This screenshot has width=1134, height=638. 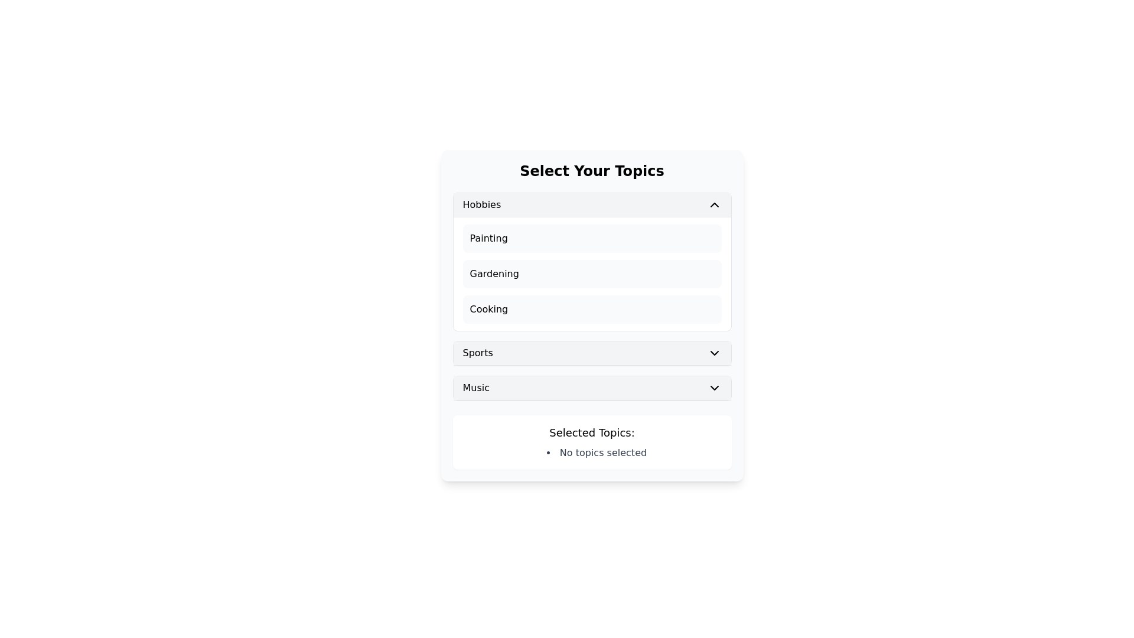 I want to click on the static textual indicator in the bullet list that informs the user that no topics have been selected, located under the 'Selected Topics:' label, so click(x=597, y=453).